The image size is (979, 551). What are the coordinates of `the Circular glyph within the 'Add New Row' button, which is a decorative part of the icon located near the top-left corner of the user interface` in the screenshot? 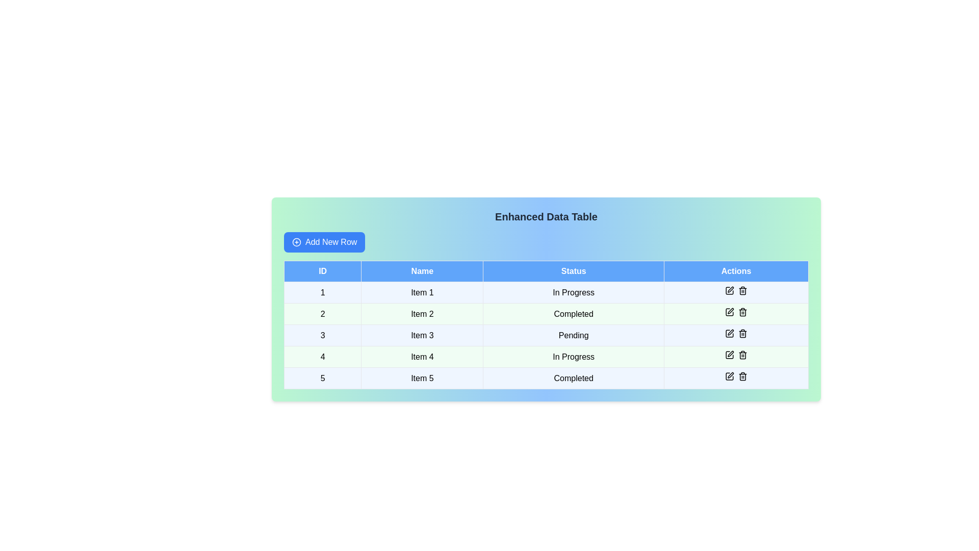 It's located at (296, 242).